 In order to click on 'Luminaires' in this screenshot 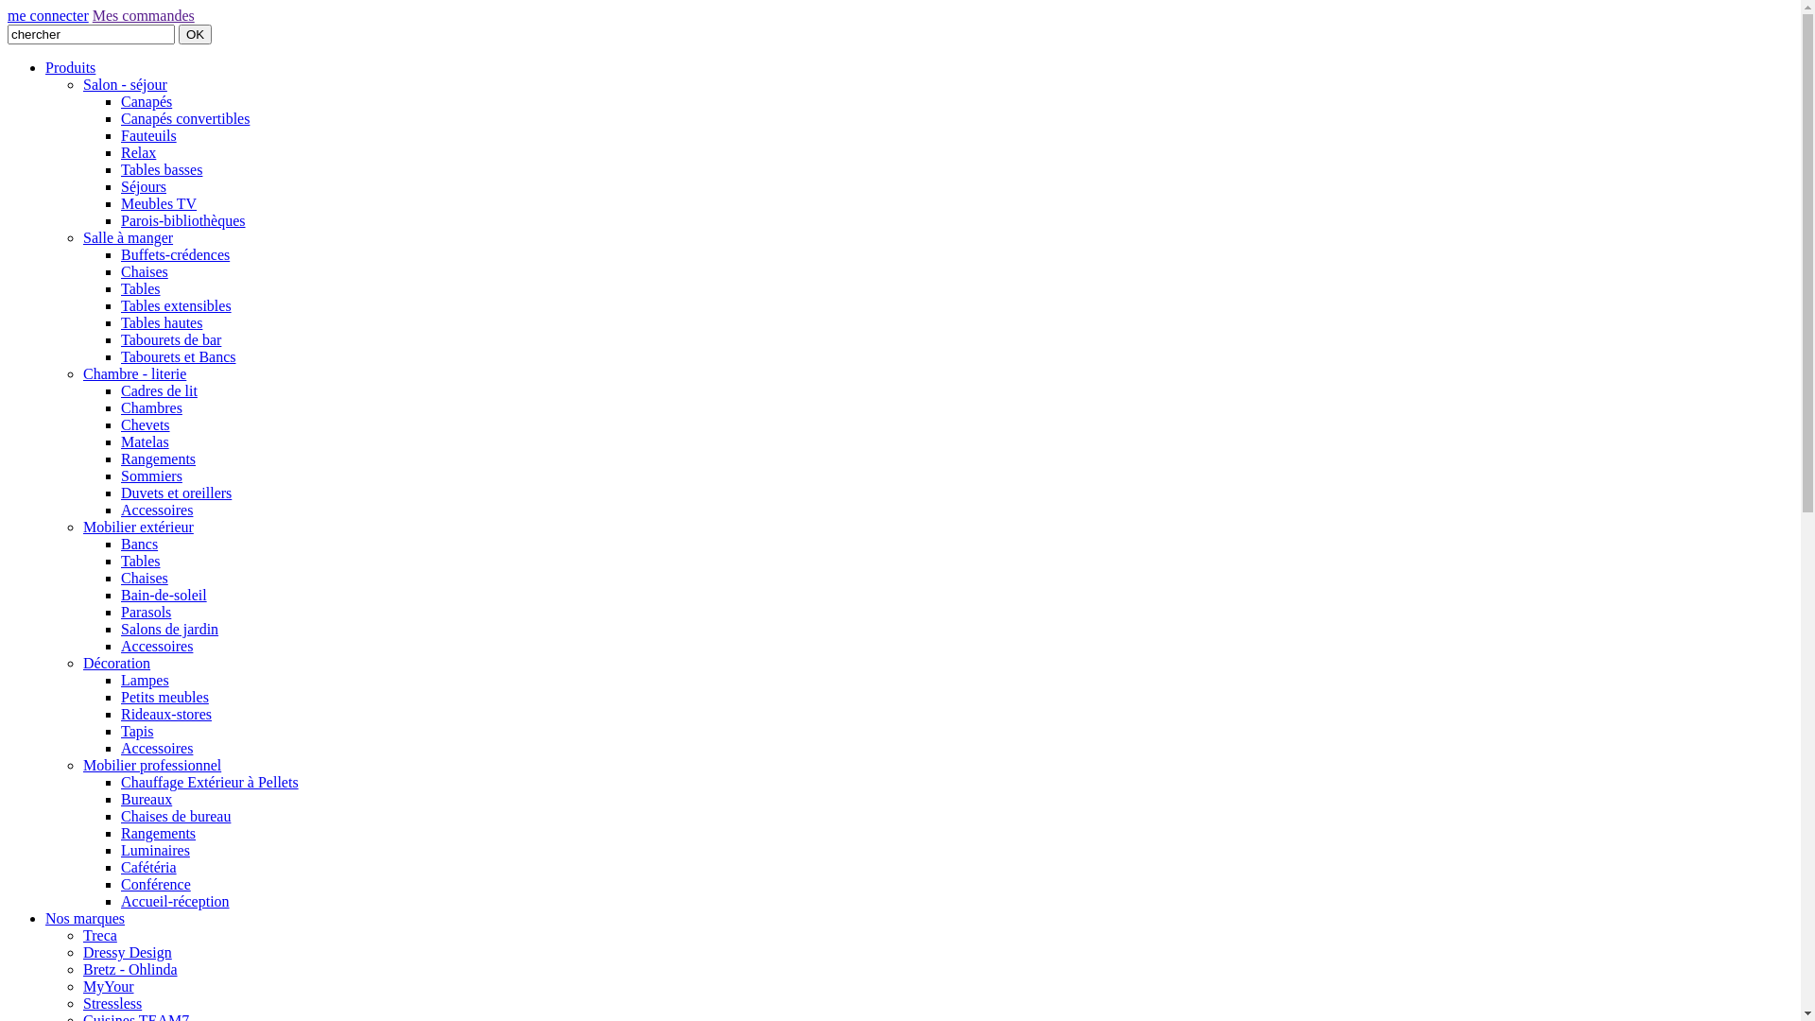, I will do `click(155, 849)`.